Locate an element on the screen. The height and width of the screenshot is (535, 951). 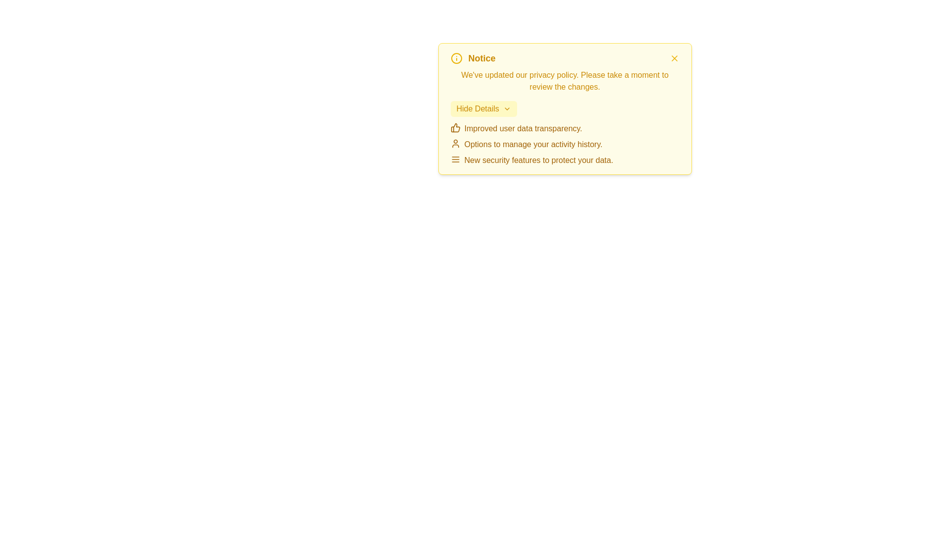
the Hamburger Menu icon located at the left of the text 'New security features to protect your data.' is located at coordinates (455, 159).